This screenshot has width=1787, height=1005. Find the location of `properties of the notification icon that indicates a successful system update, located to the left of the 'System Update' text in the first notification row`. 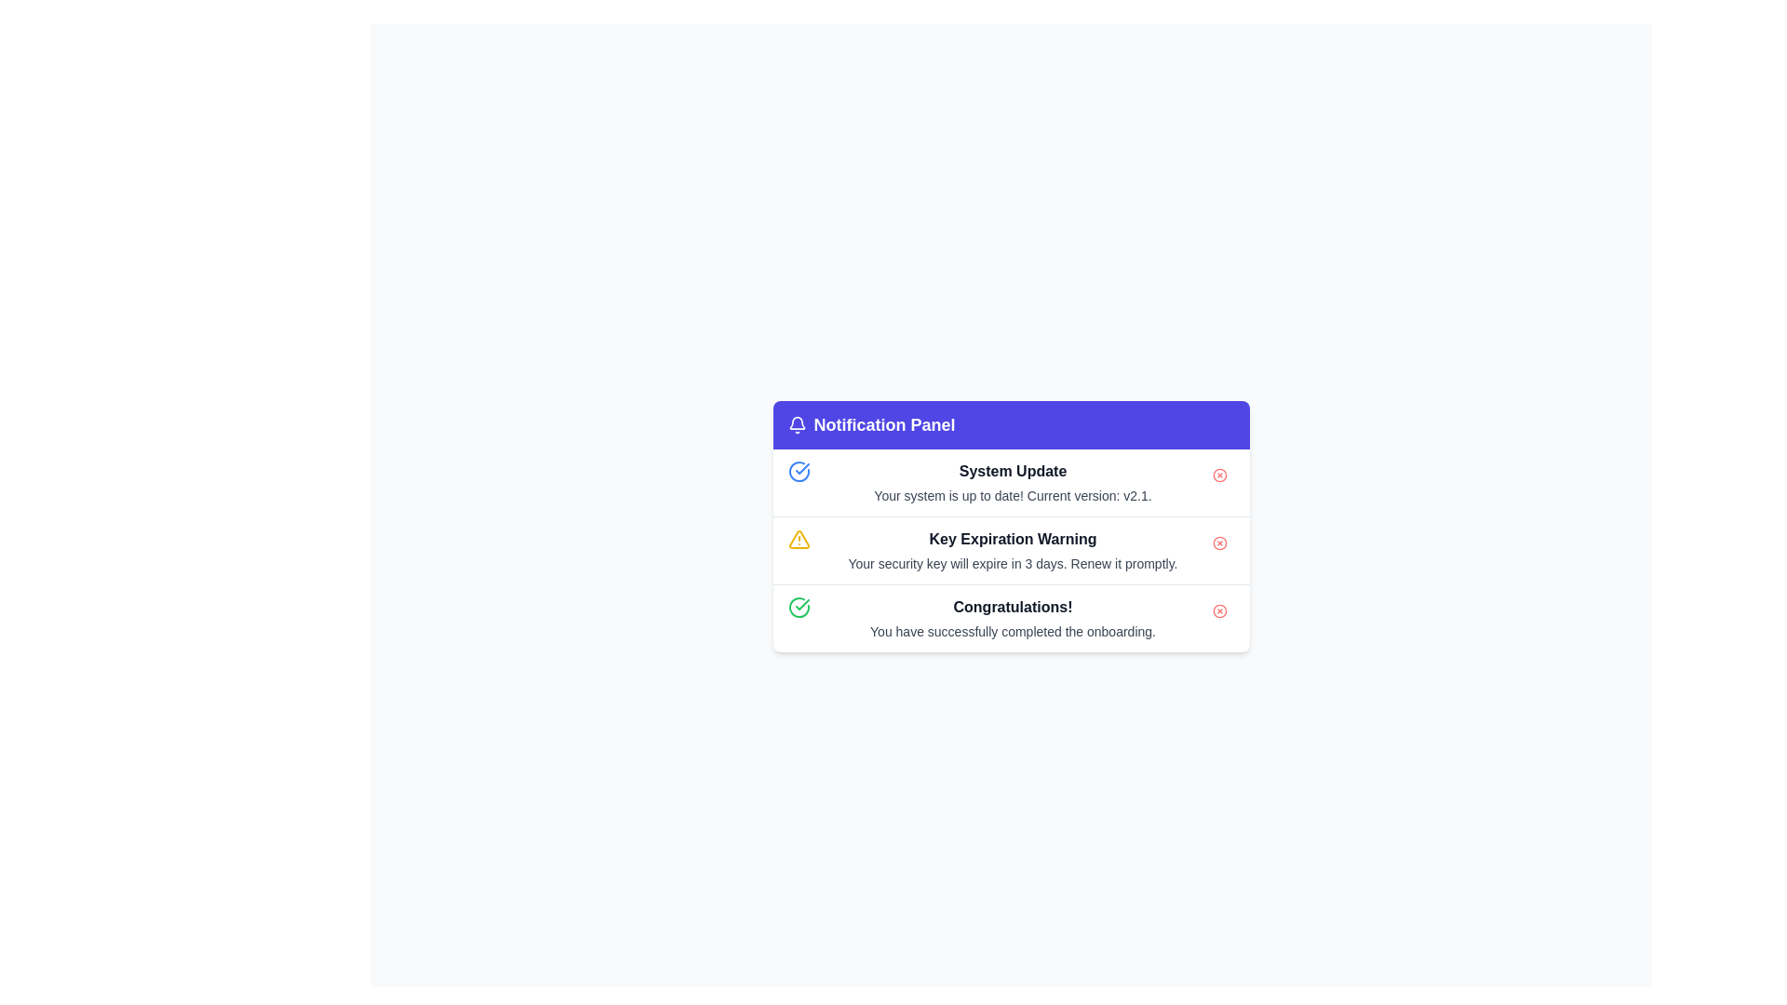

properties of the notification icon that indicates a successful system update, located to the left of the 'System Update' text in the first notification row is located at coordinates (799, 470).